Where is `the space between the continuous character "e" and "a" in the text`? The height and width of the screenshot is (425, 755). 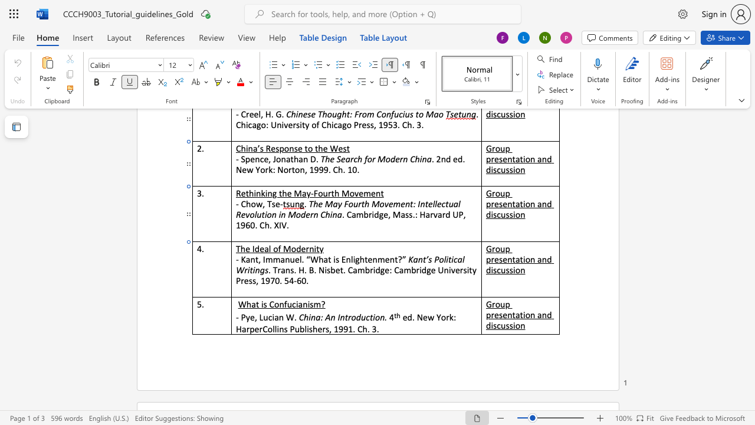
the space between the continuous character "e" and "a" in the text is located at coordinates (264, 248).